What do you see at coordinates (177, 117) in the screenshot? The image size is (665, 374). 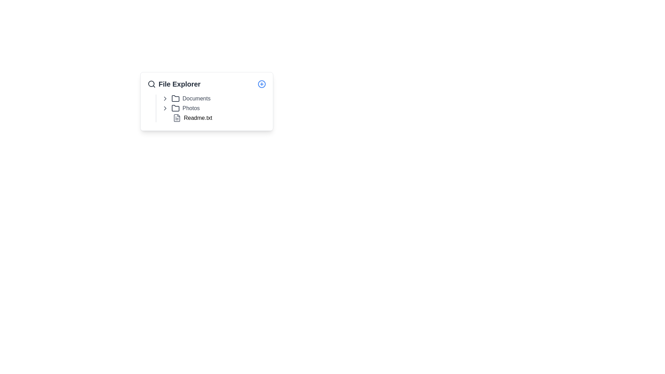 I see `the file icon representing 'Readme.txt'` at bounding box center [177, 117].